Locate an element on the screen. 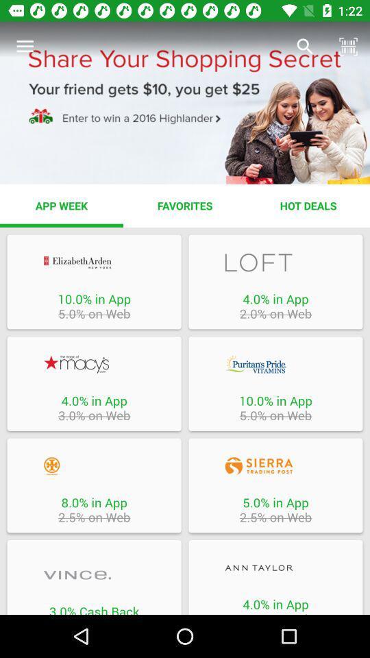 This screenshot has width=370, height=658. brand collection is located at coordinates (93, 575).